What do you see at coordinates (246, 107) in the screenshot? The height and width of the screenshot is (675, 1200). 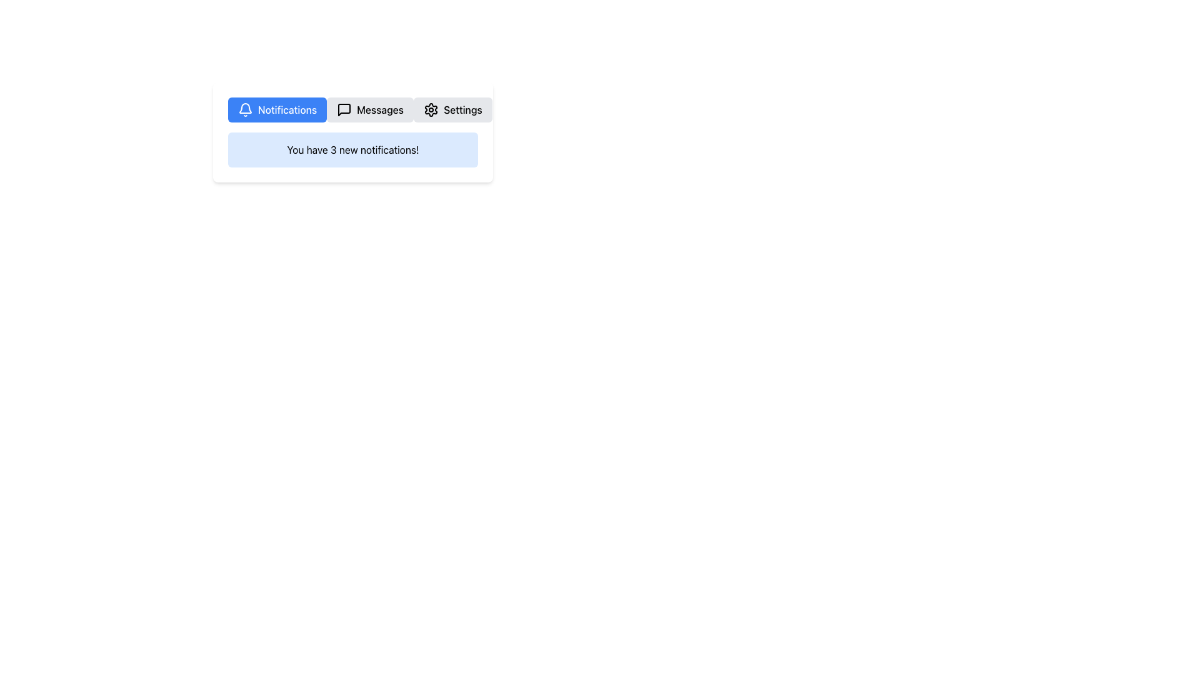 I see `the notification icon, which resembles a bell and is located in the notifications section at the top-left corner` at bounding box center [246, 107].